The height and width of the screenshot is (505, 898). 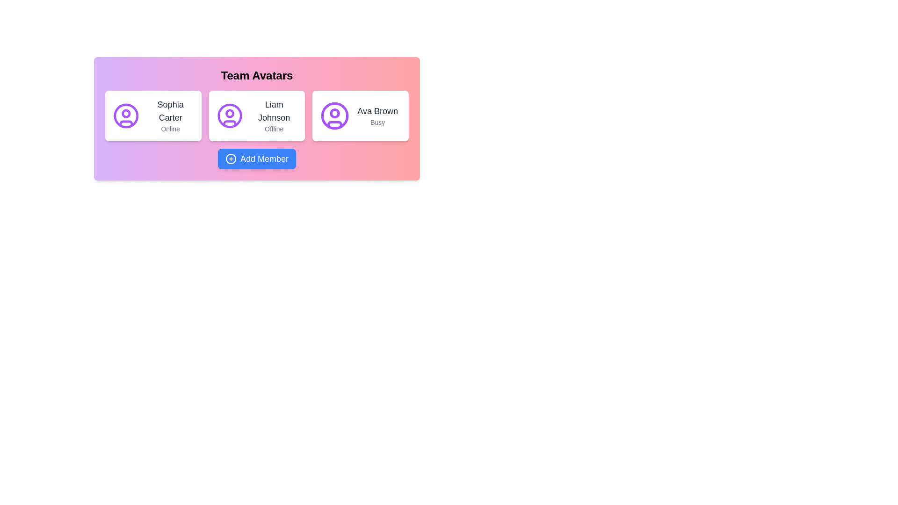 I want to click on displayed information from the Profile Card representing an individual team member, which is the third card in the horizontal layout under the 'Team Avatars' heading, so click(x=360, y=115).